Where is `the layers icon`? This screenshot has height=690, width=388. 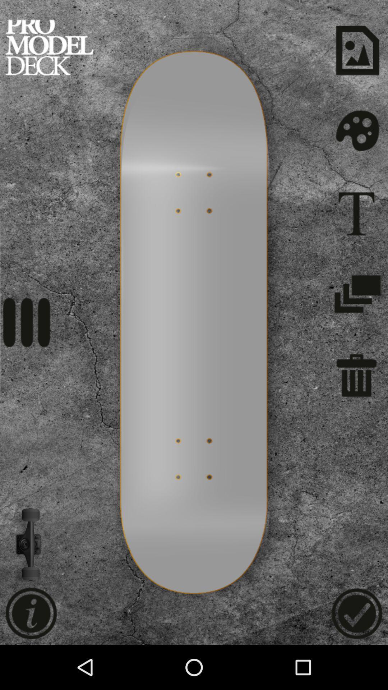 the layers icon is located at coordinates (356, 316).